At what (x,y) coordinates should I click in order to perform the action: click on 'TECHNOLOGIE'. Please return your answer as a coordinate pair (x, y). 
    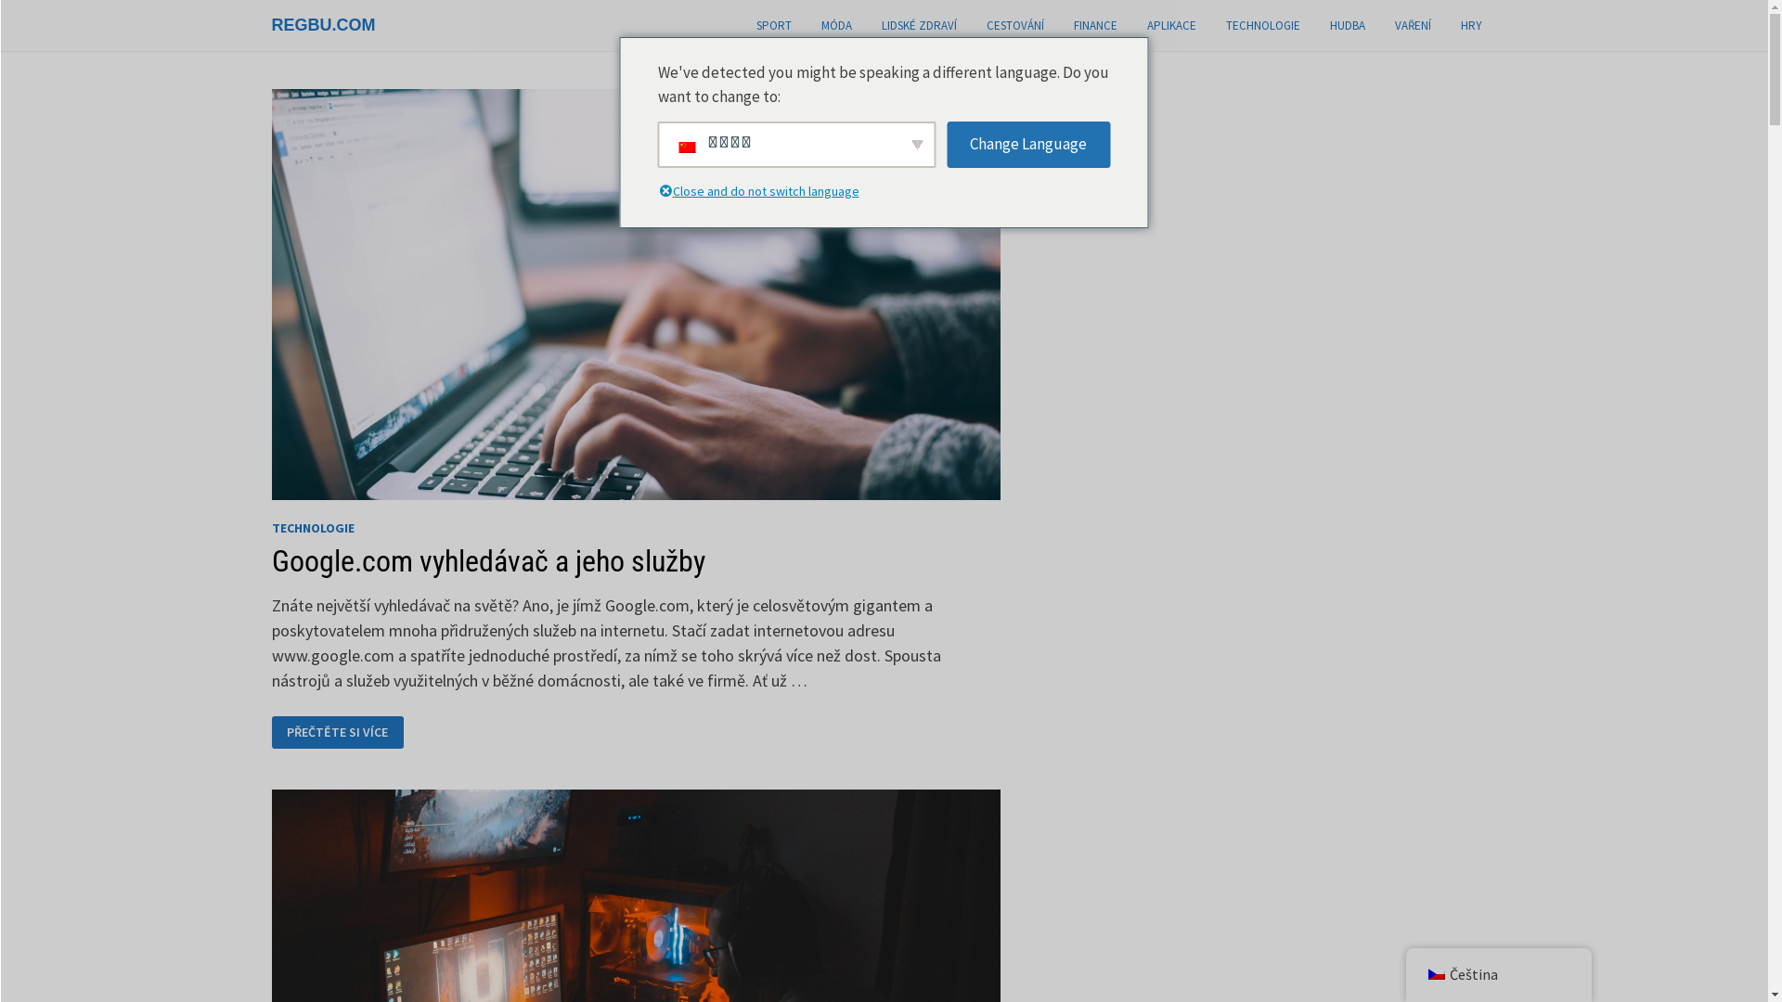
    Looking at the image, I should click on (1261, 25).